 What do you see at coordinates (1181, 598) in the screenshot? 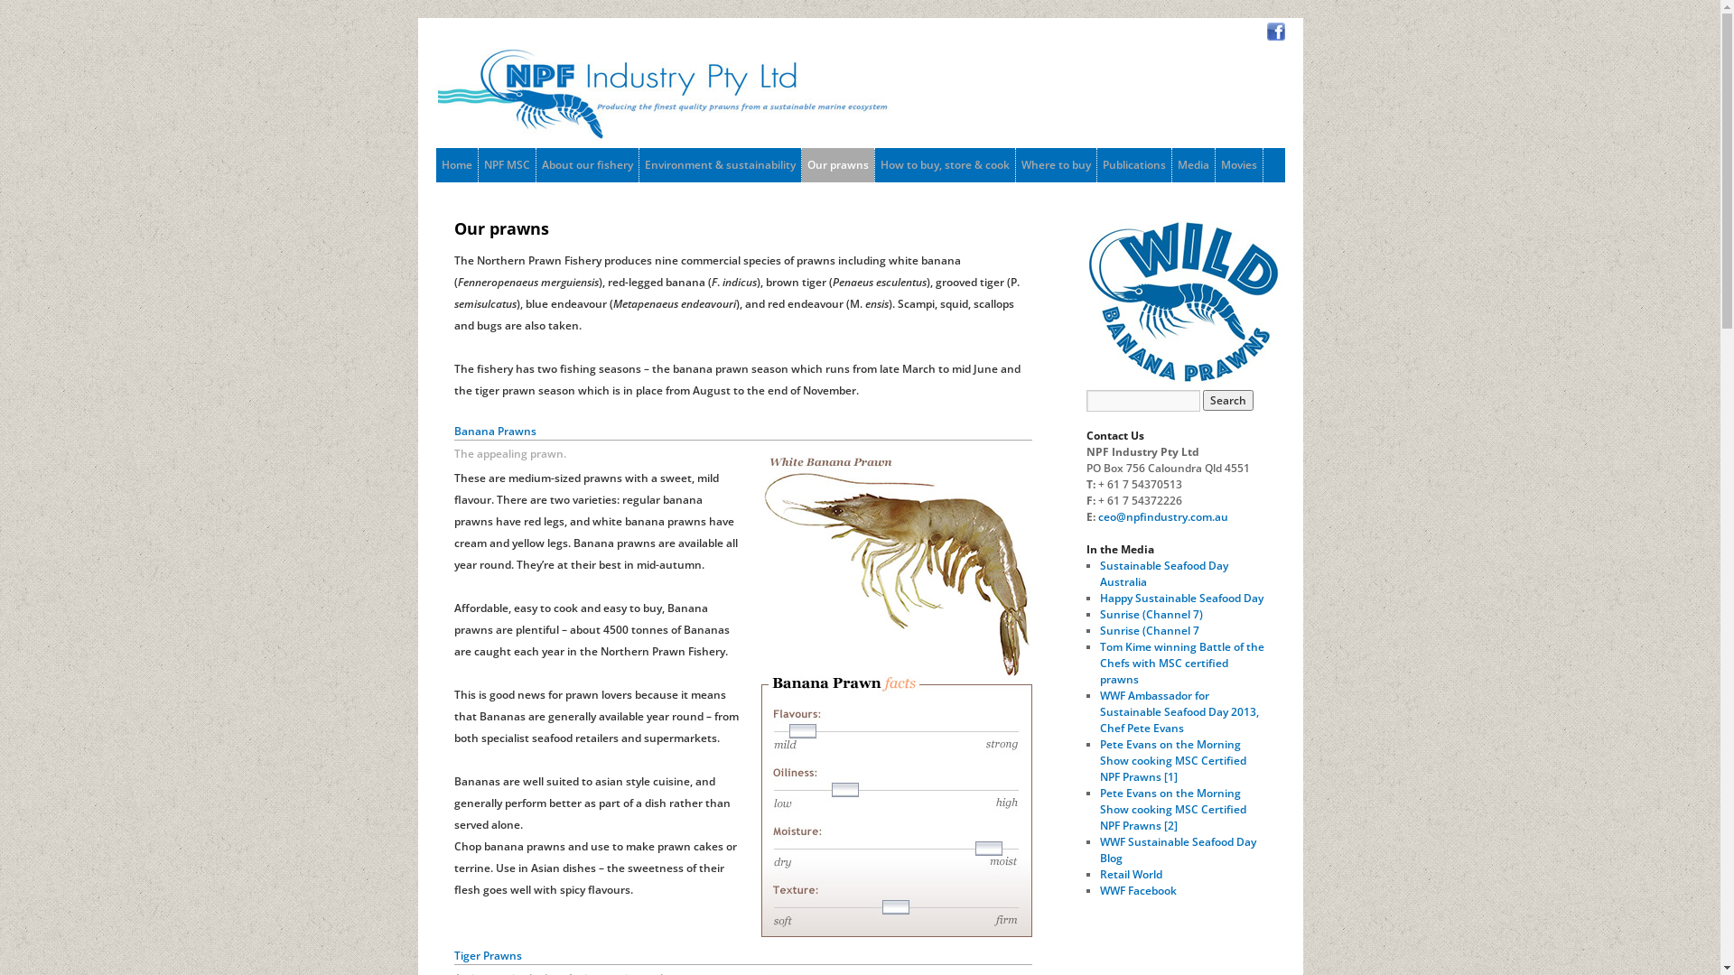
I see `'Happy Sustainable Seafood Day'` at bounding box center [1181, 598].